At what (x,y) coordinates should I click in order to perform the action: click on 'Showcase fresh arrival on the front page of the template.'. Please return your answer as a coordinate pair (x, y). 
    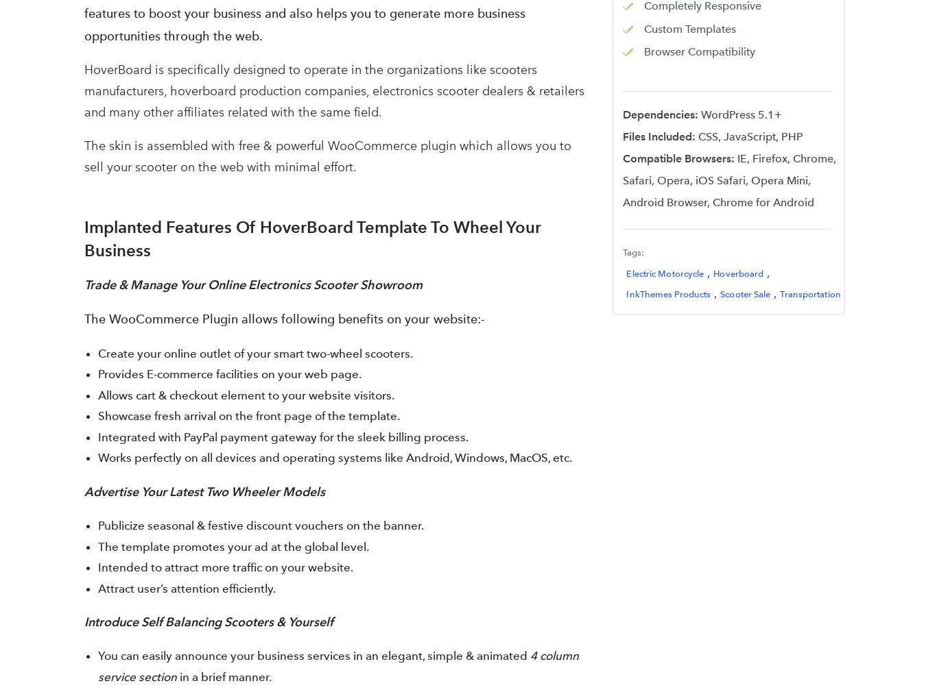
    Looking at the image, I should click on (248, 415).